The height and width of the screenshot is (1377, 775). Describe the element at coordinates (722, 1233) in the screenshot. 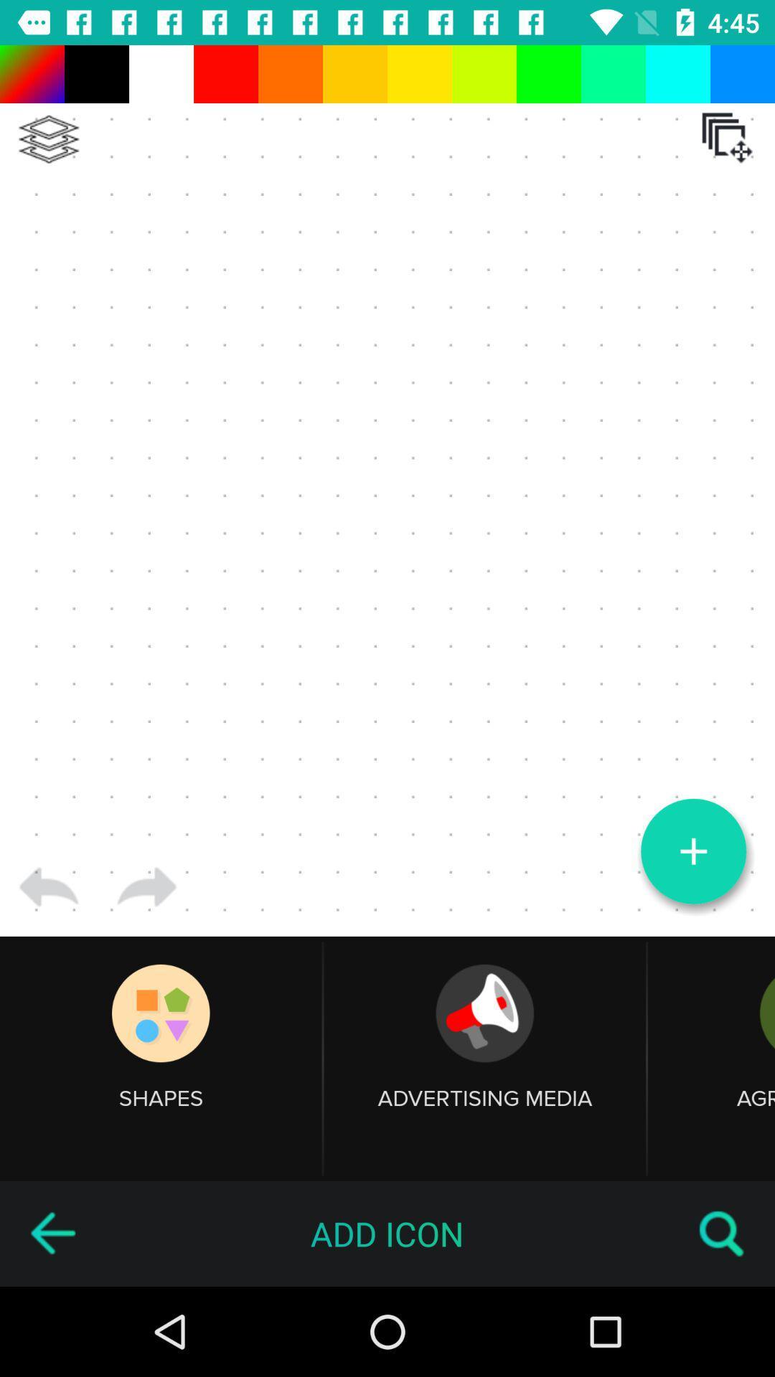

I see `item to the right of the add icon item` at that location.